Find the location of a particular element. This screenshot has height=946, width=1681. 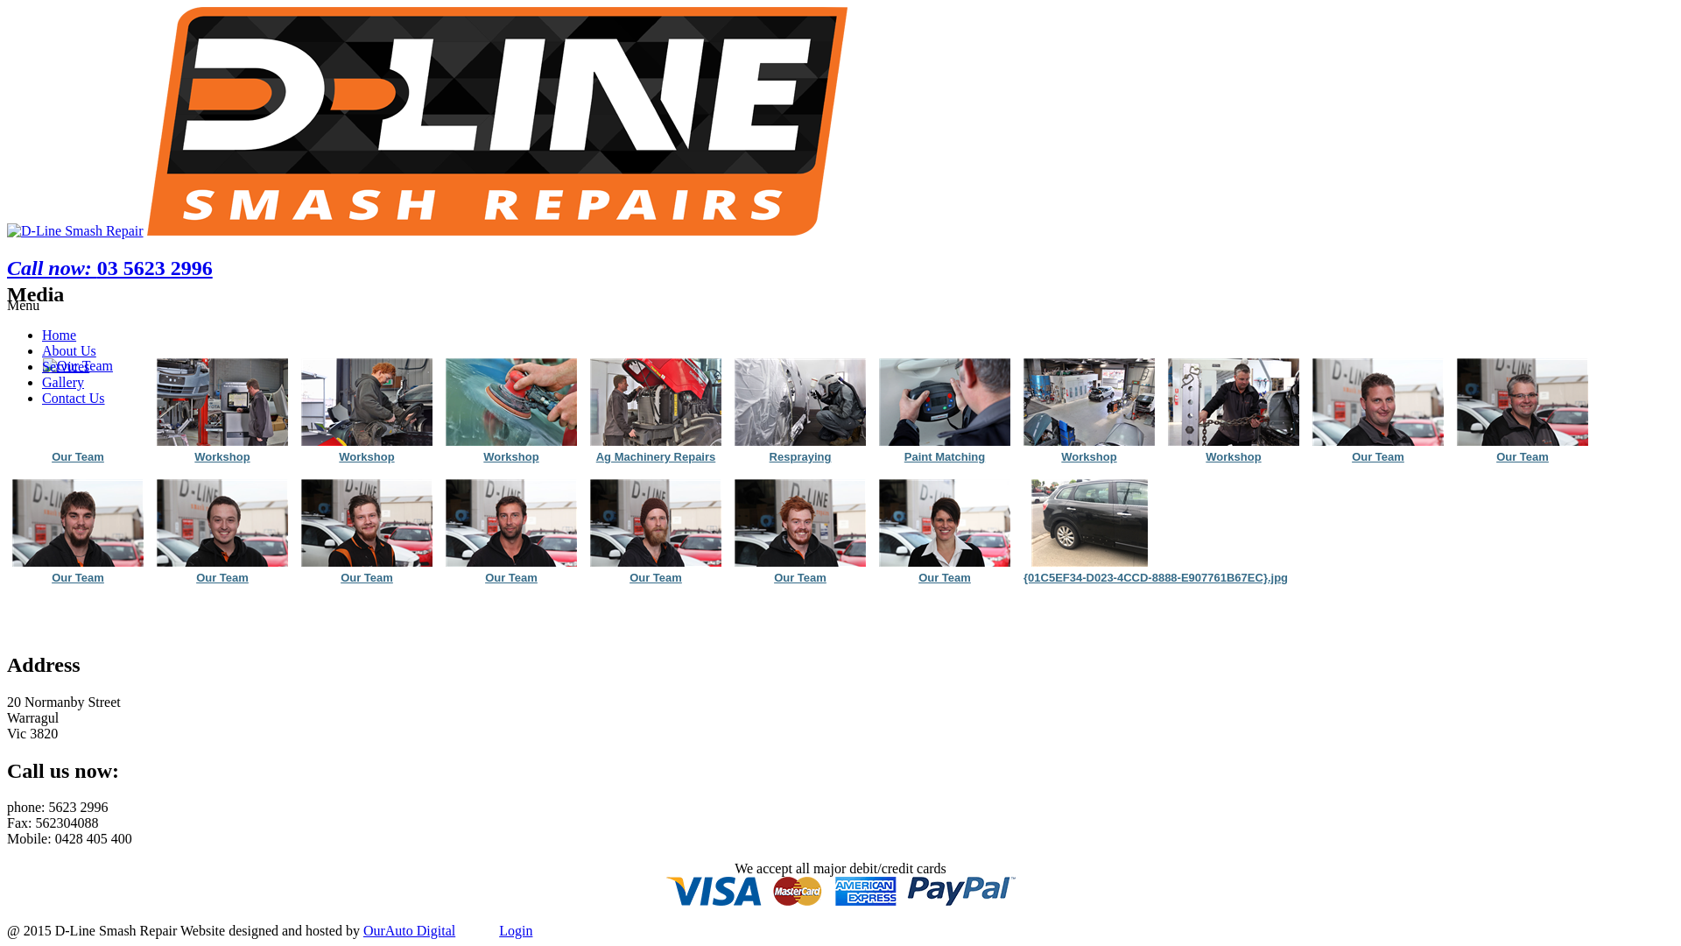

'Respraying' is located at coordinates (798, 402).